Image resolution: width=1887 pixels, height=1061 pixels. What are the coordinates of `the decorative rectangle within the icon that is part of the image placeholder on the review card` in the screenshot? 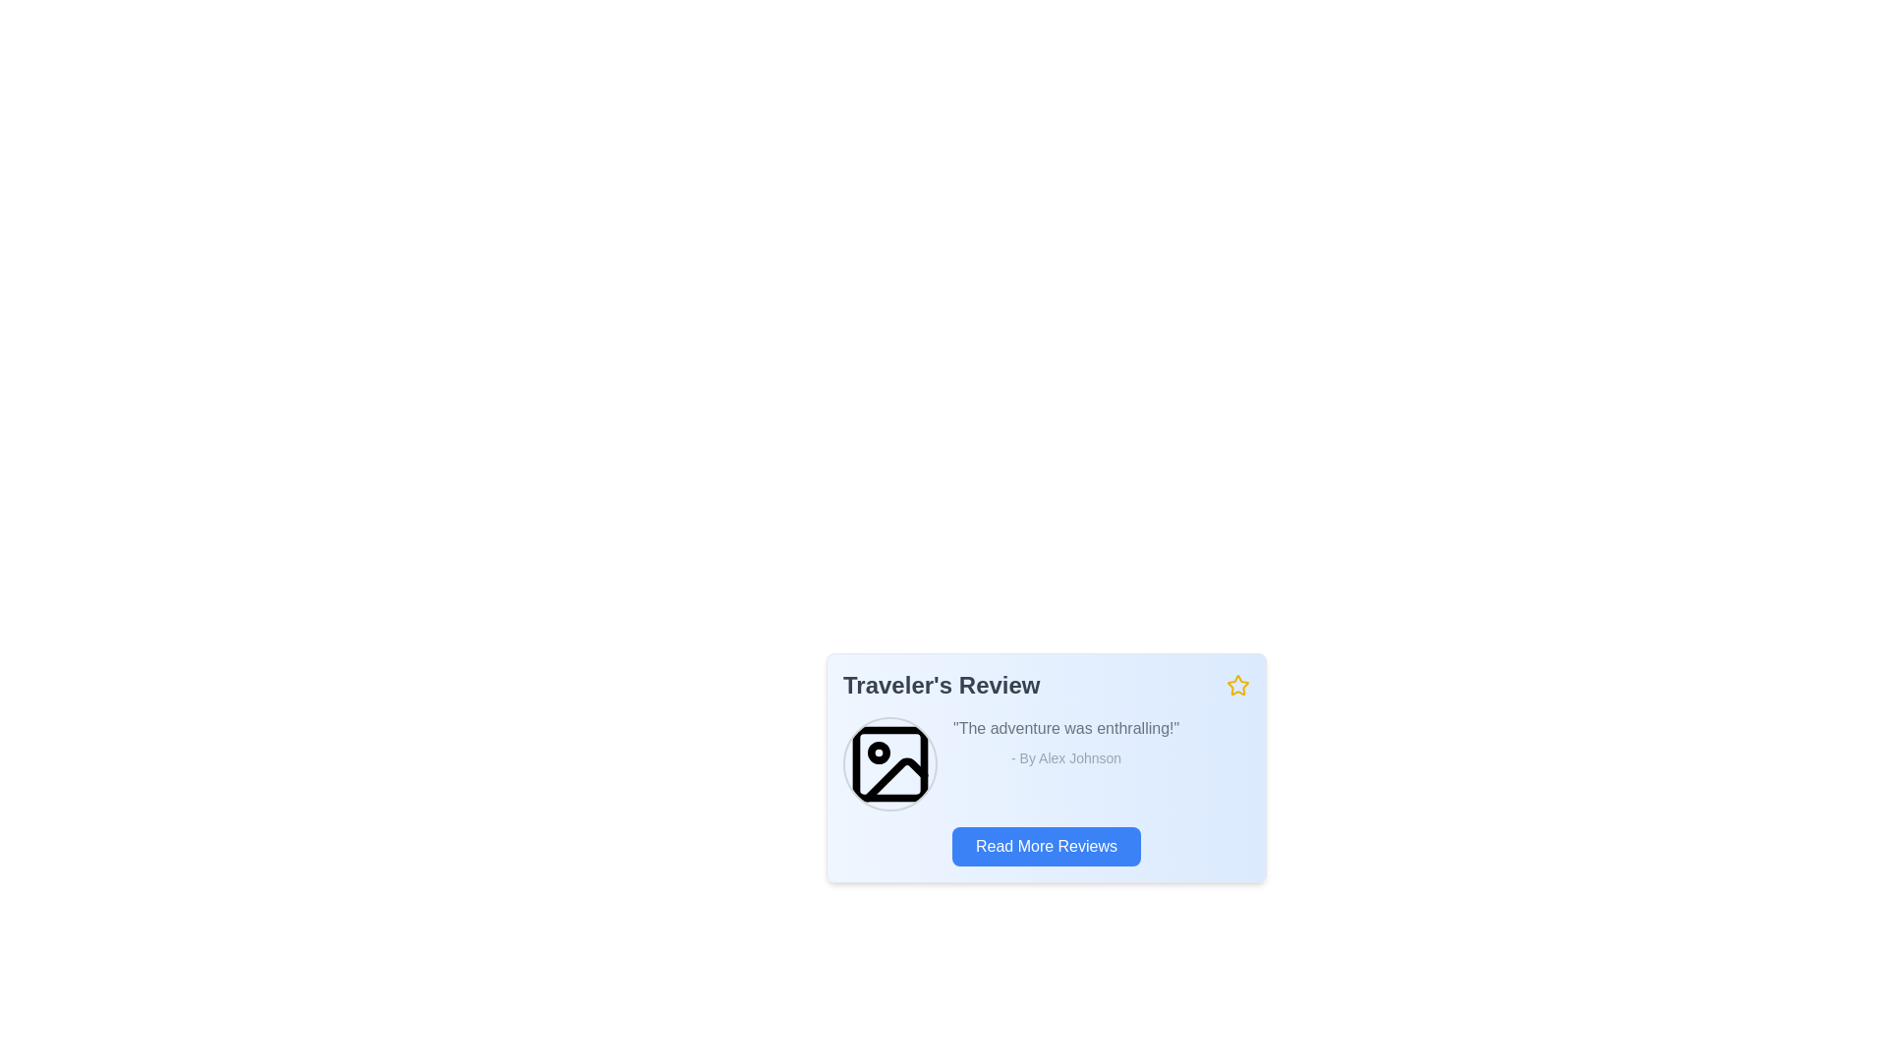 It's located at (889, 763).